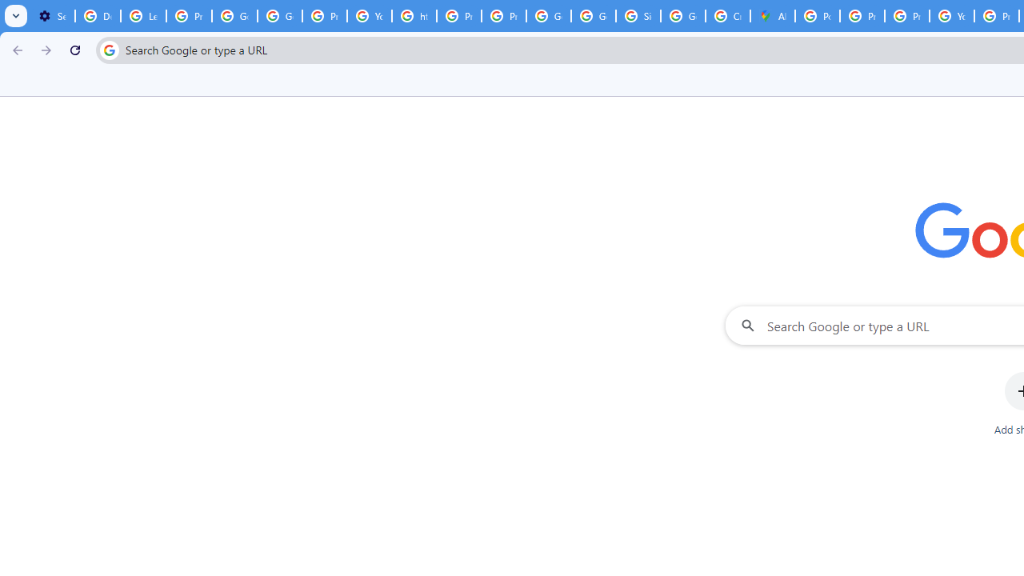 The width and height of the screenshot is (1024, 576). What do you see at coordinates (861, 16) in the screenshot?
I see `'Privacy Help Center - Policies Help'` at bounding box center [861, 16].